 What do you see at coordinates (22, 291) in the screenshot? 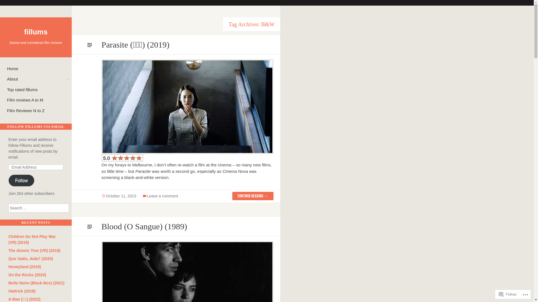
I see `'Hattrick (2018)'` at bounding box center [22, 291].